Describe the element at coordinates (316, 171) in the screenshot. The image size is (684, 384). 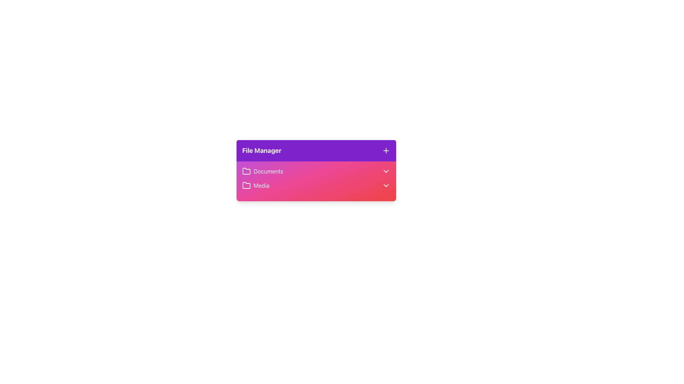
I see `the 'Documents' row in the 'File Manager' widget` at that location.